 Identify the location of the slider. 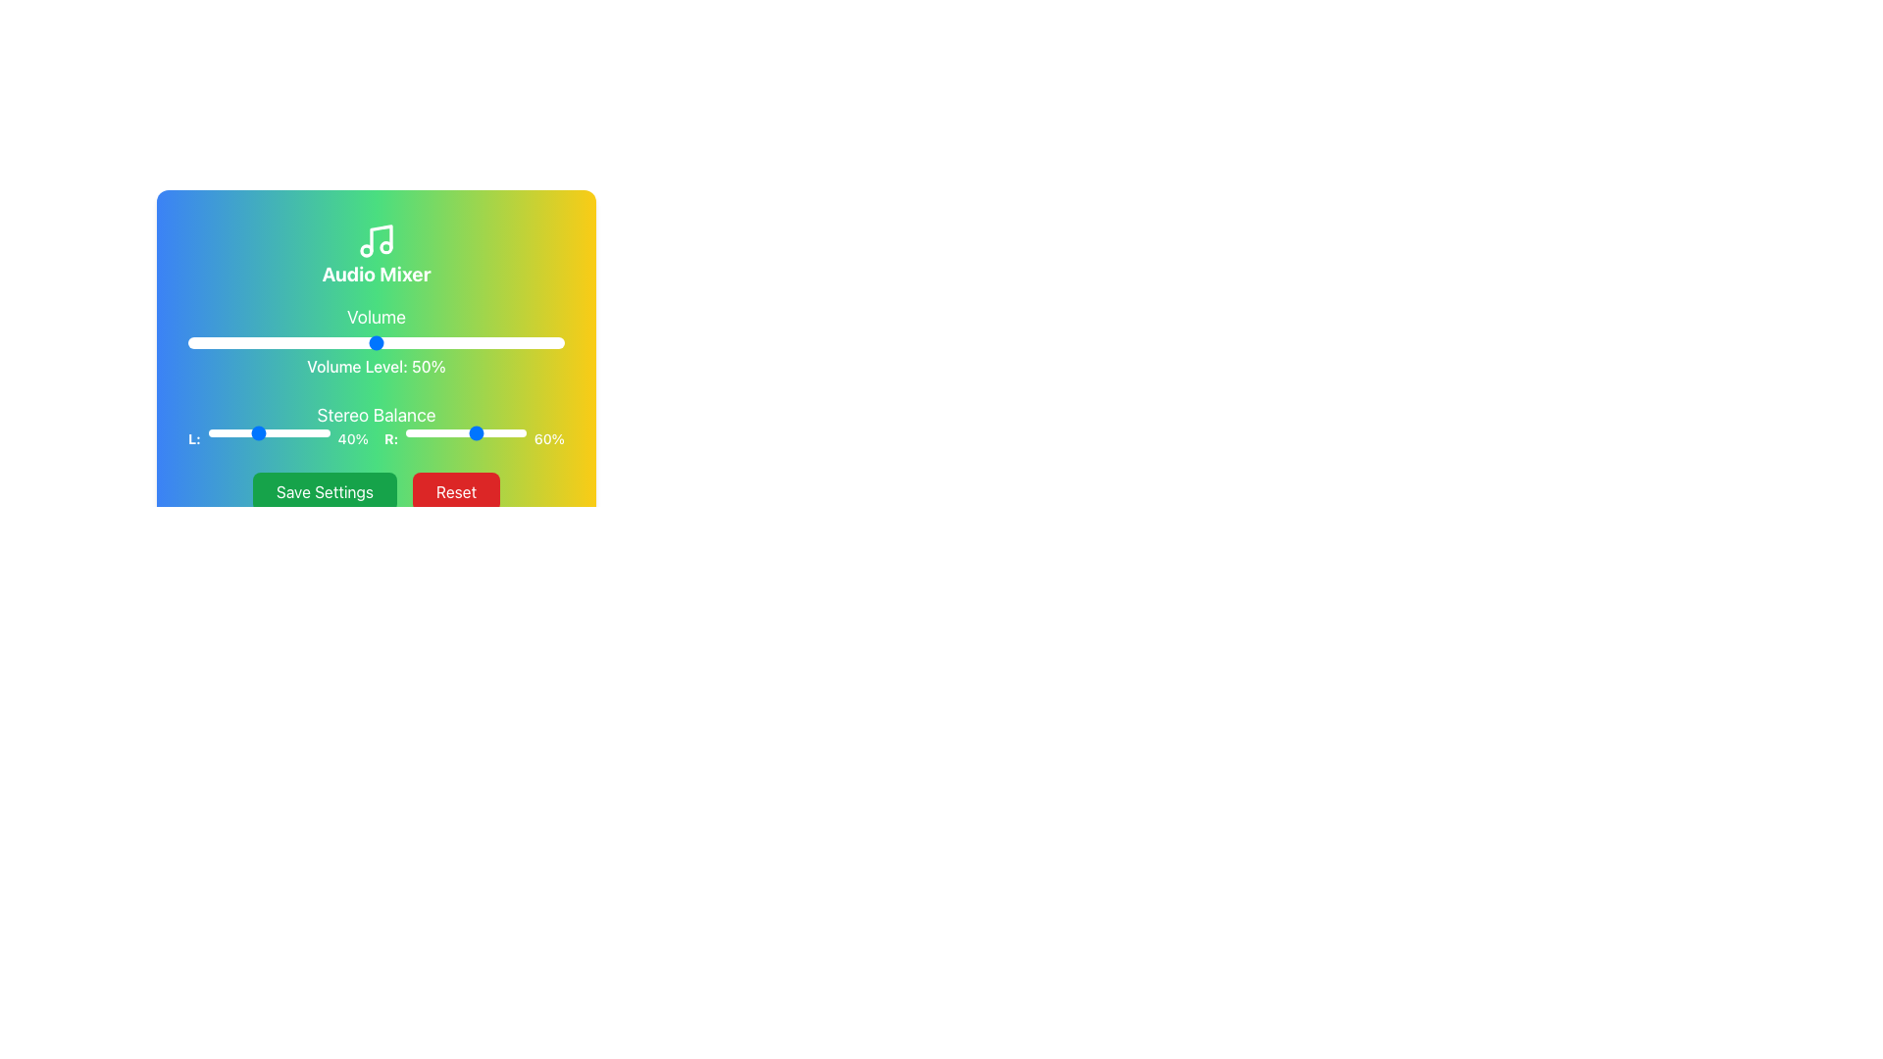
(267, 432).